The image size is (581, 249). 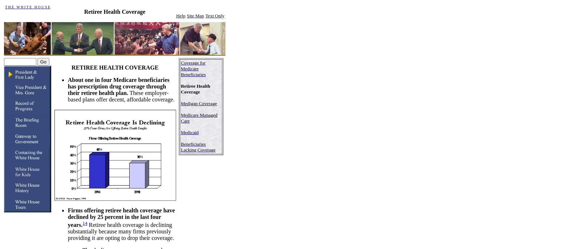 I want to click on 'These employer-based plans offer decent, affordable coverage.', so click(x=121, y=96).